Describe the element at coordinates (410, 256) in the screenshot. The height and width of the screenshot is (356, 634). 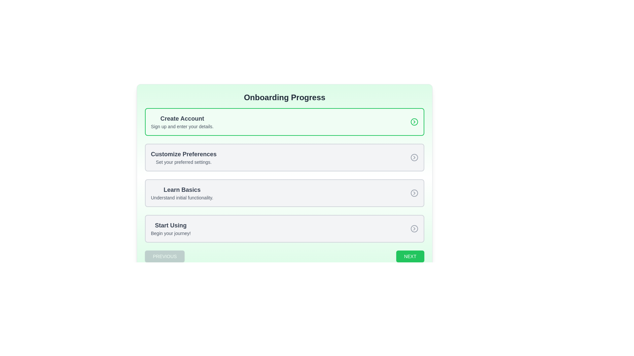
I see `the 'Next' button to proceed to the next step` at that location.